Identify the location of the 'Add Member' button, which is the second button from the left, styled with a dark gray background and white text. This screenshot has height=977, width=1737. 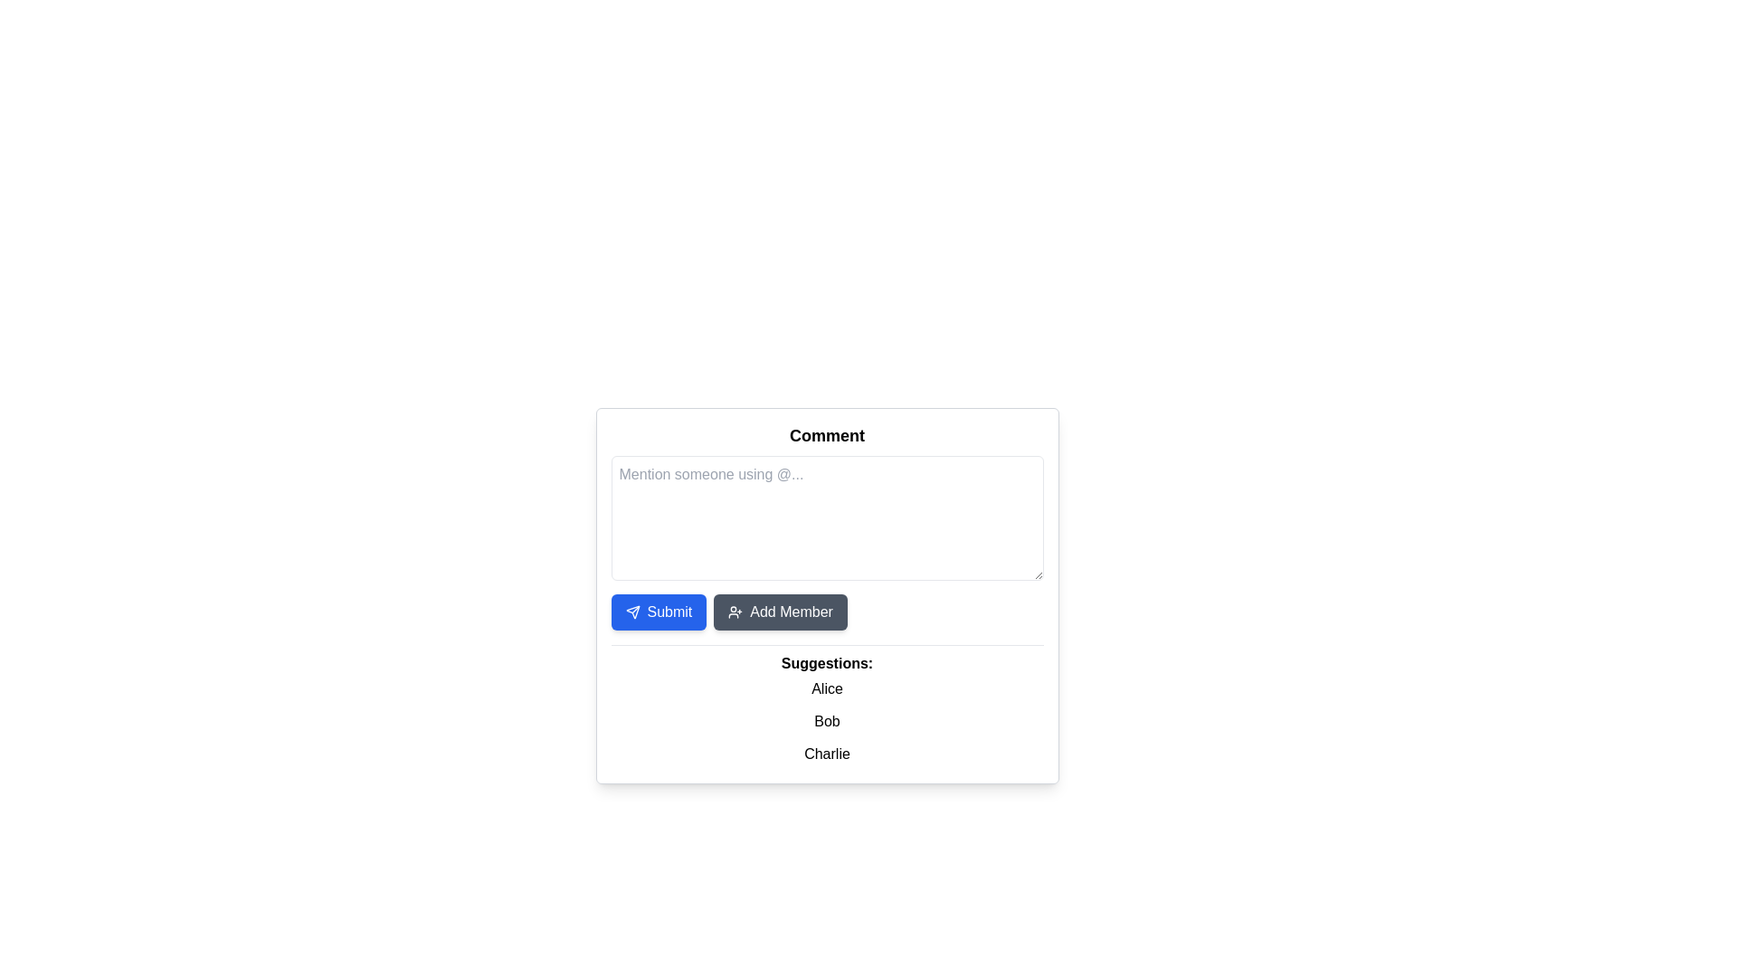
(781, 612).